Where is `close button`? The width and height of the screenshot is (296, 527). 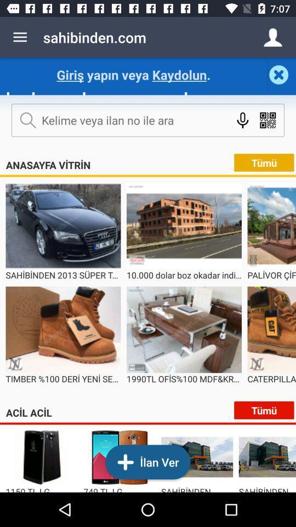 close button is located at coordinates (282, 74).